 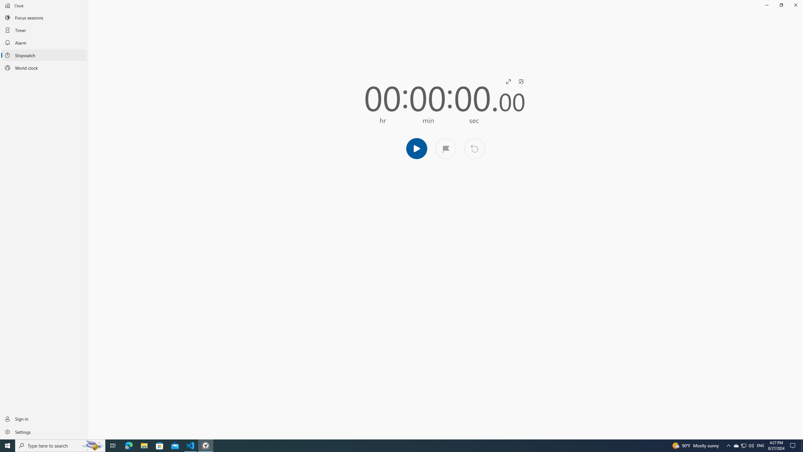 What do you see at coordinates (751, 445) in the screenshot?
I see `'Q2790: 100%'` at bounding box center [751, 445].